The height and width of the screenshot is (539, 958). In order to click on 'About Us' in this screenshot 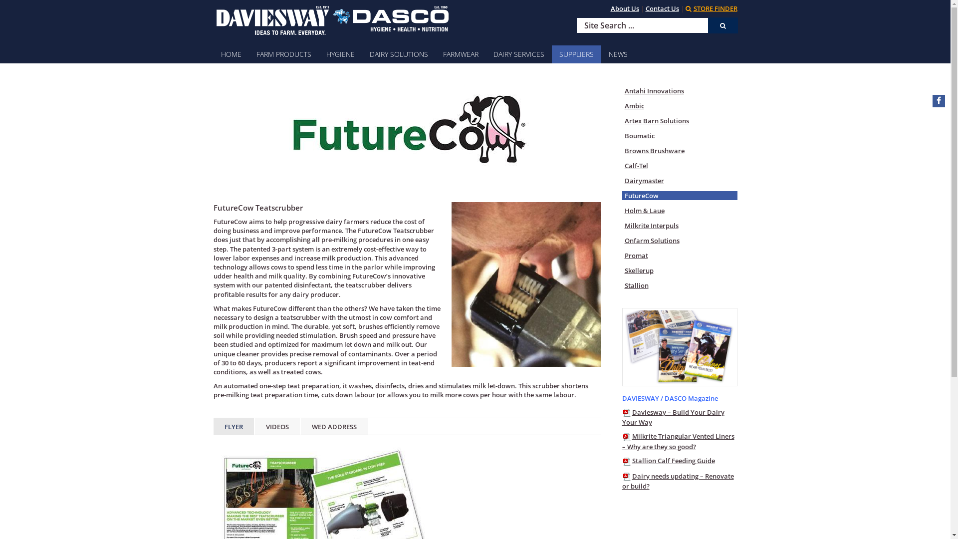, I will do `click(624, 8)`.